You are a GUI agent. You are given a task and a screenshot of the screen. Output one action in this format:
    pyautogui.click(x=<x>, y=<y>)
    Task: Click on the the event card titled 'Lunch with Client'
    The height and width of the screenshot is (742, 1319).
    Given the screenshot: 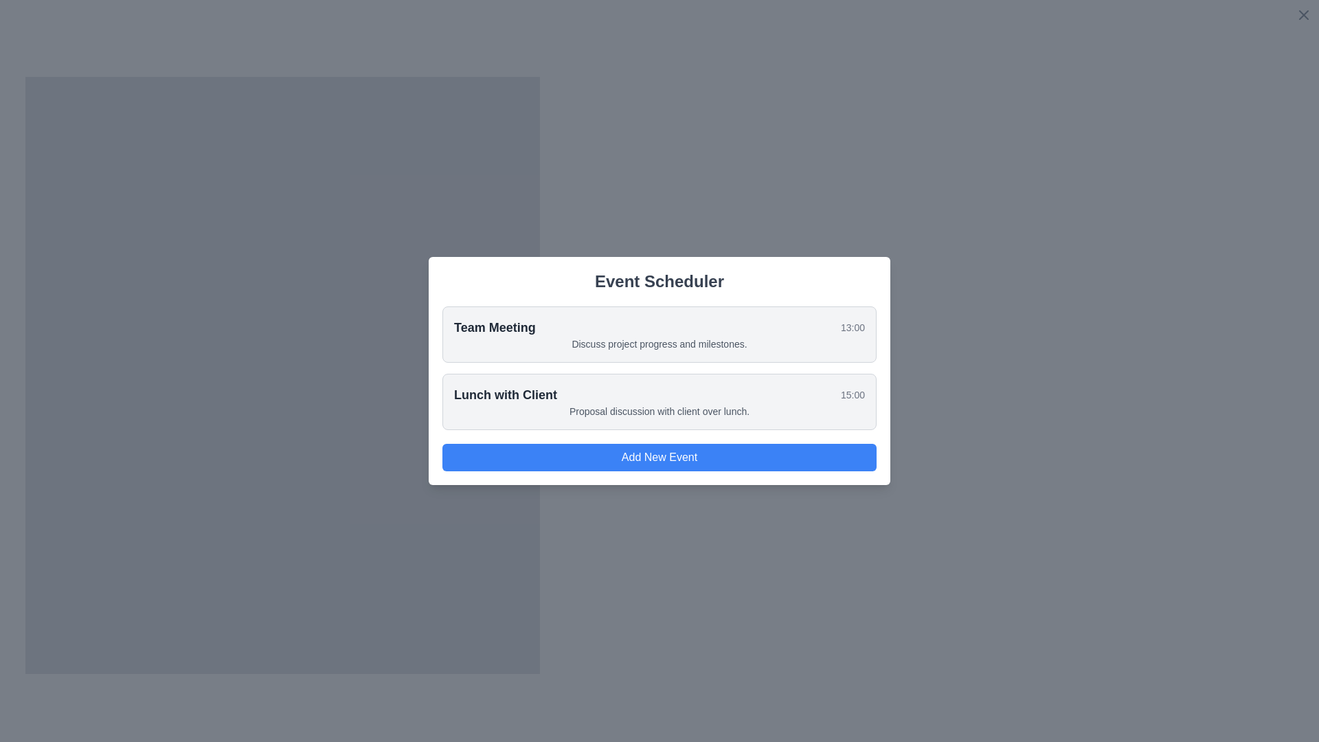 What is the action you would take?
    pyautogui.click(x=659, y=402)
    